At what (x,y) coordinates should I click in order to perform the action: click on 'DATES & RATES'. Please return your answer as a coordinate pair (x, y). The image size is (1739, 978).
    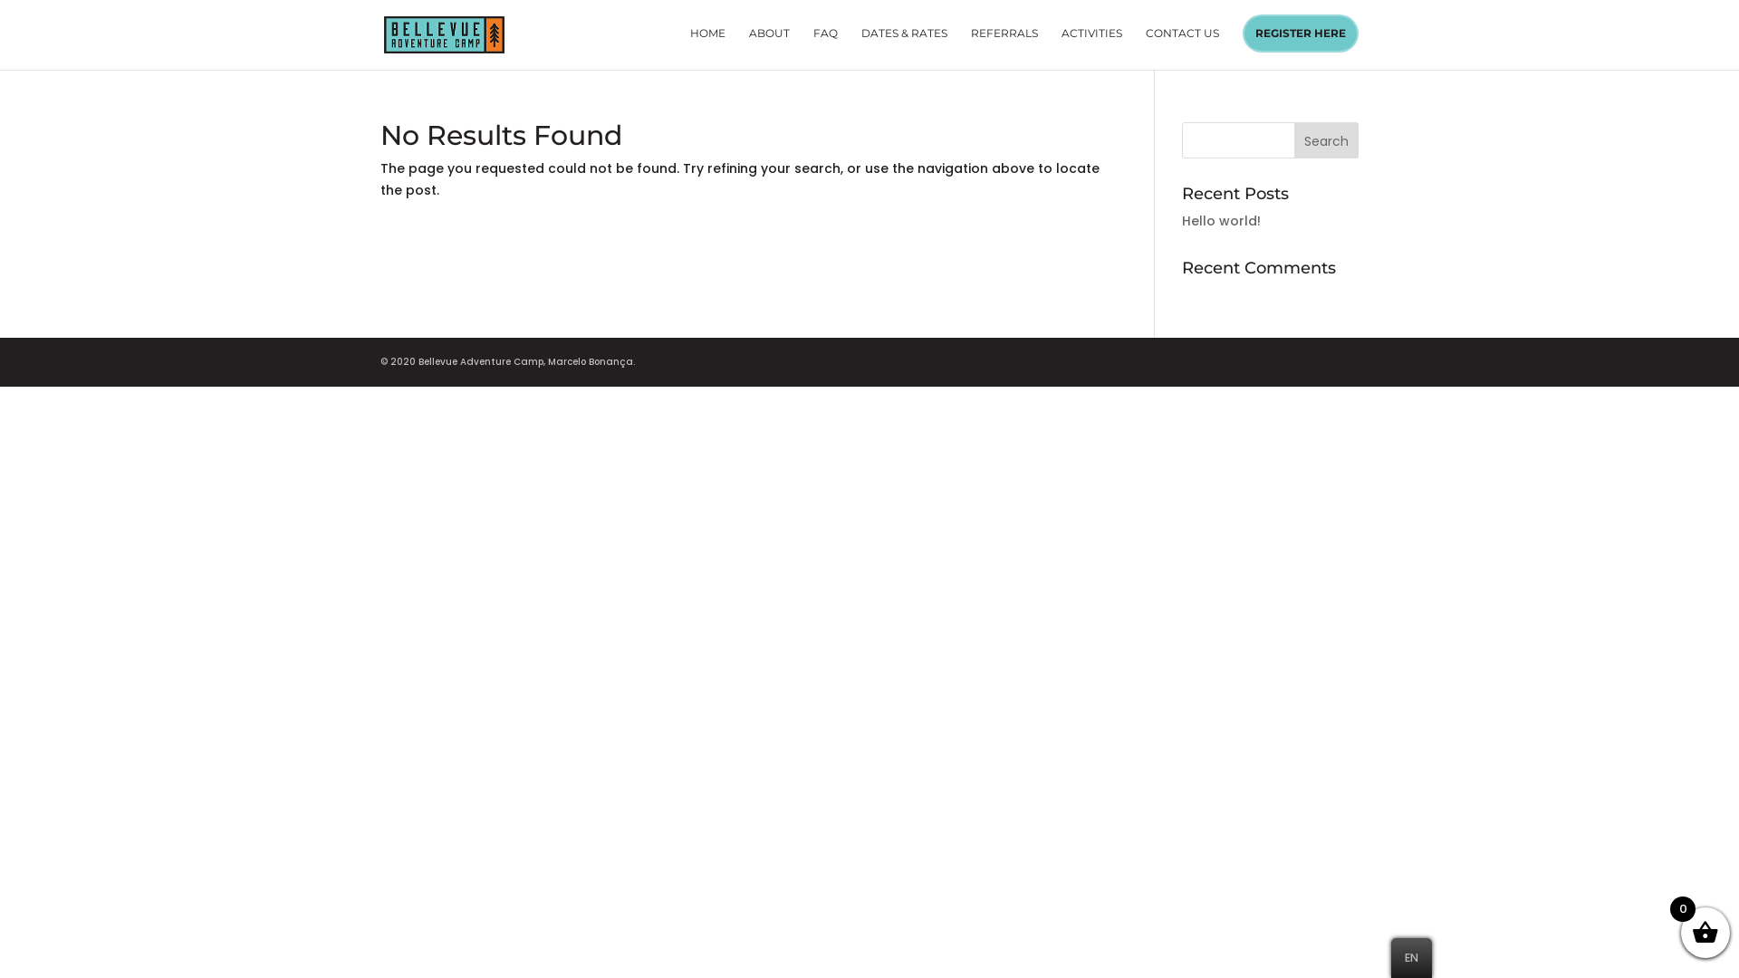
    Looking at the image, I should click on (860, 47).